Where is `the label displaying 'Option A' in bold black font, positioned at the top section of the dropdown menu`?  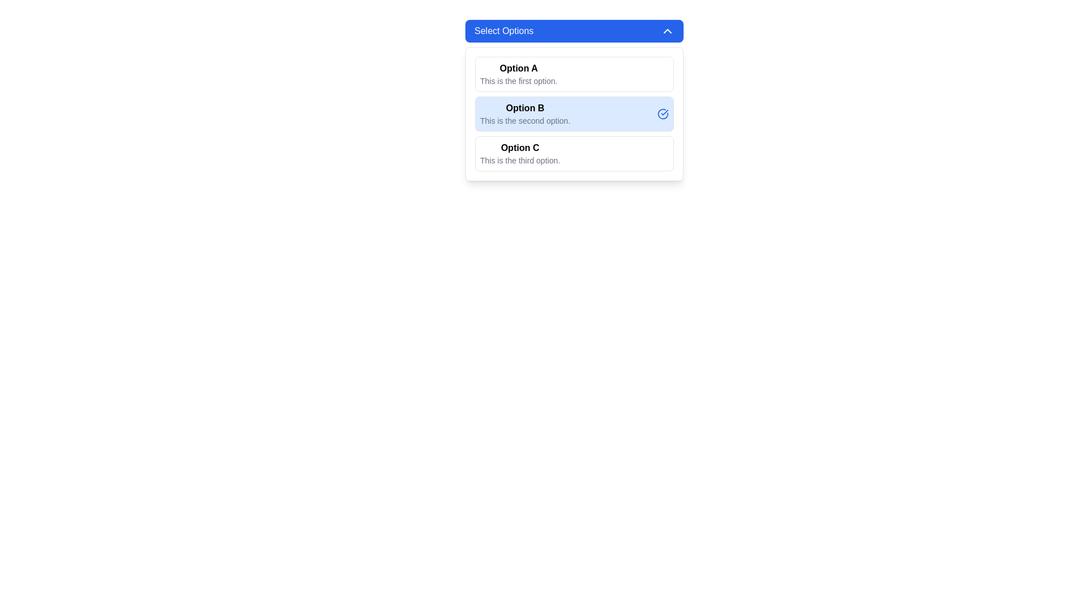
the label displaying 'Option A' in bold black font, positioned at the top section of the dropdown menu is located at coordinates (518, 68).